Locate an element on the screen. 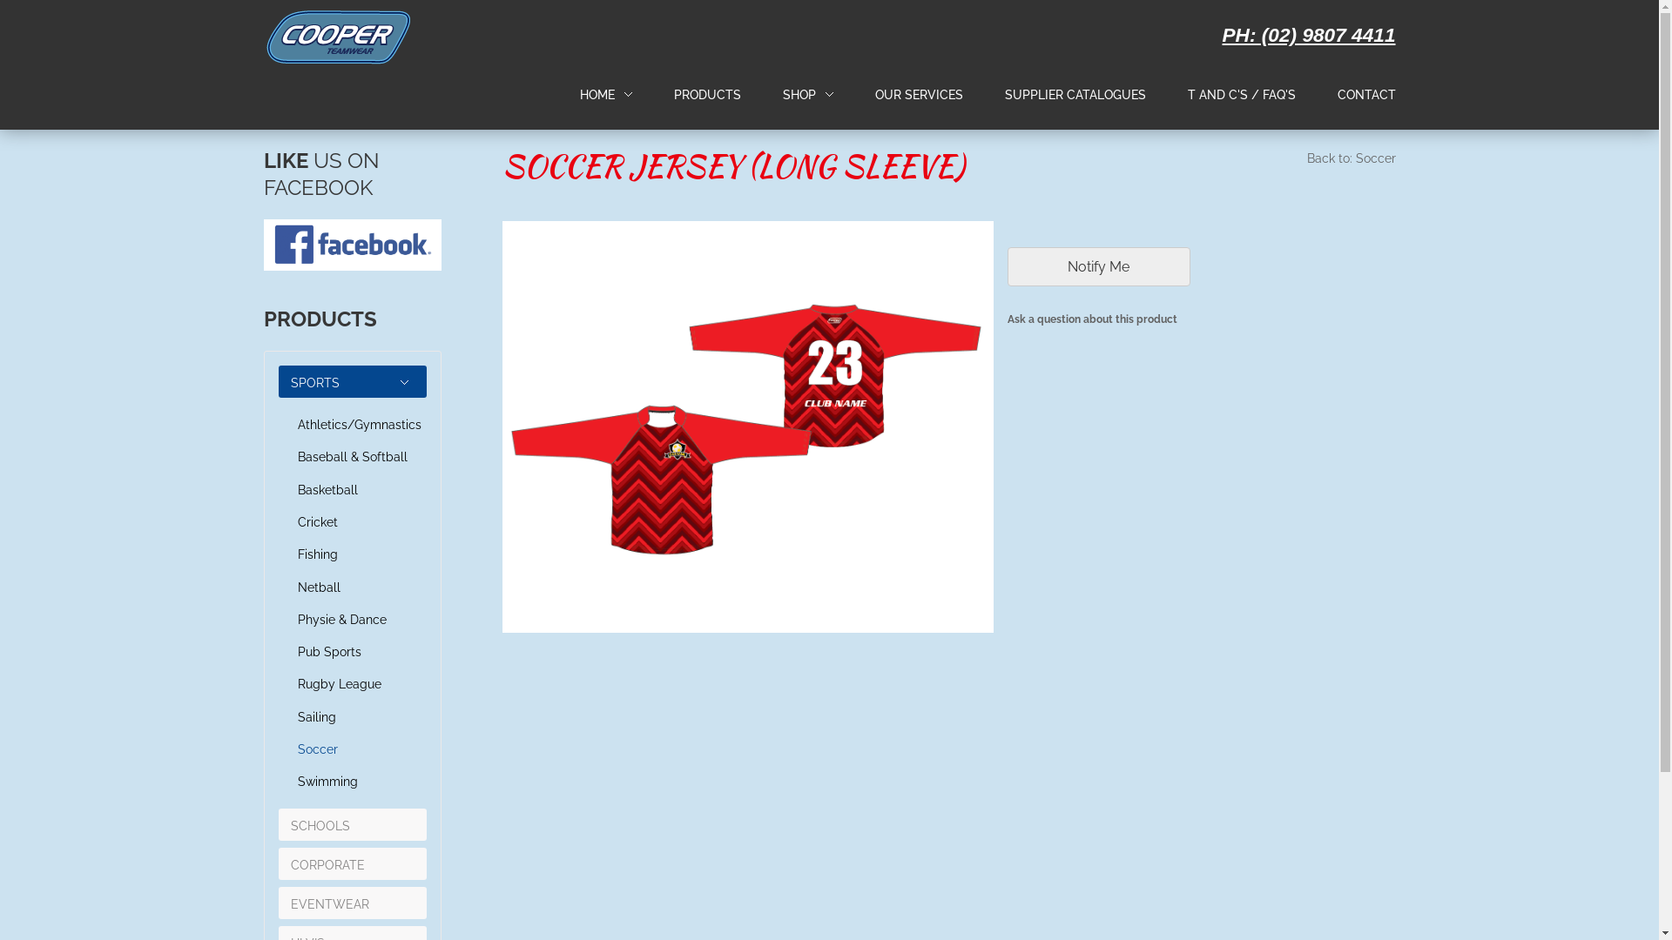 The width and height of the screenshot is (1672, 940). 'SHOP' is located at coordinates (780, 96).